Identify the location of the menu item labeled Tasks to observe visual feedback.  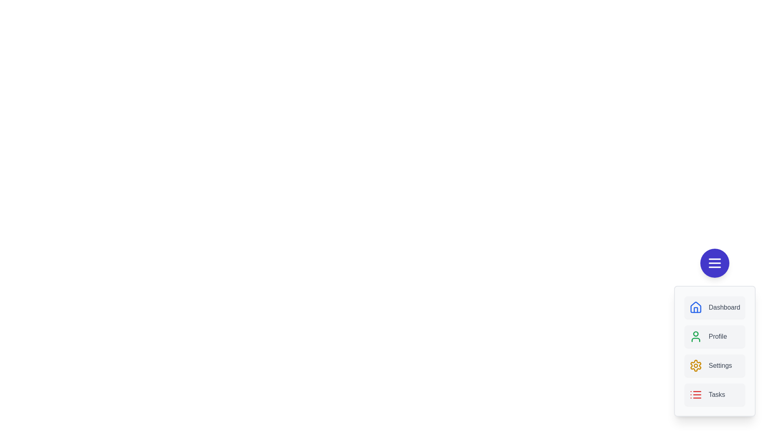
(714, 394).